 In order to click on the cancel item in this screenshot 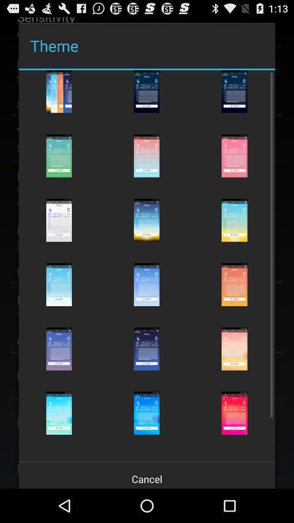, I will do `click(147, 475)`.